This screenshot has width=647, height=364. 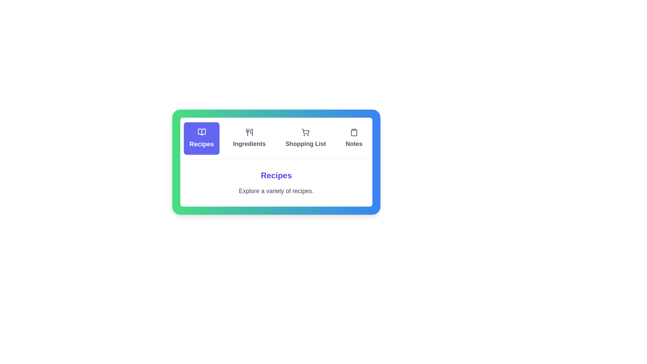 What do you see at coordinates (201, 138) in the screenshot?
I see `the Recipes tab by clicking on it` at bounding box center [201, 138].